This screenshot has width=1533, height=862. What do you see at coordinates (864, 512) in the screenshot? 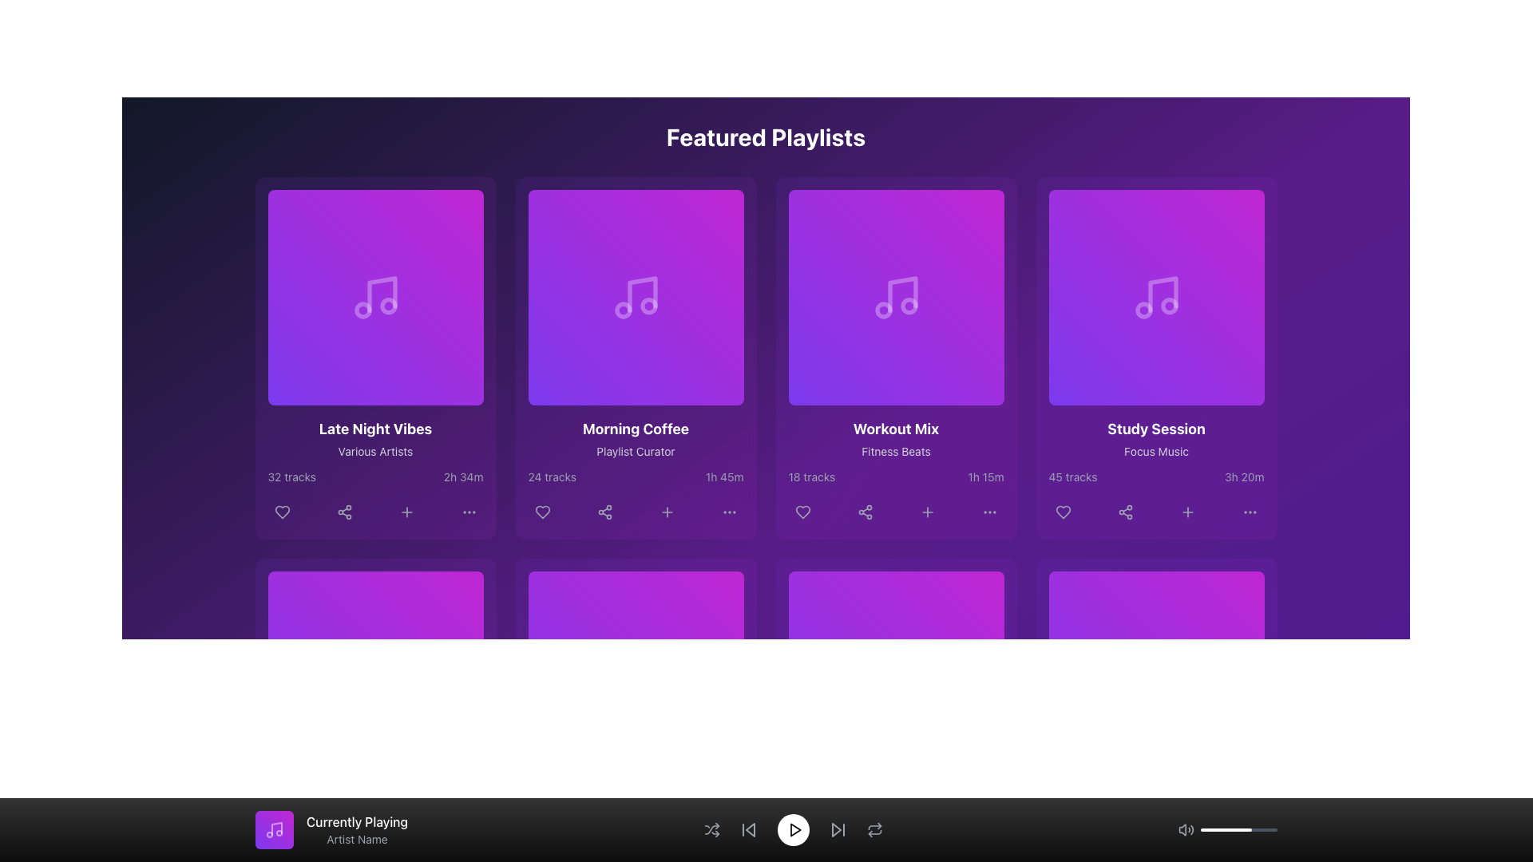
I see `the share button located in the bottom row of control icons on the 'Workout Mix' playlist card, specifically the second icon from the left, to share the playlist` at bounding box center [864, 512].